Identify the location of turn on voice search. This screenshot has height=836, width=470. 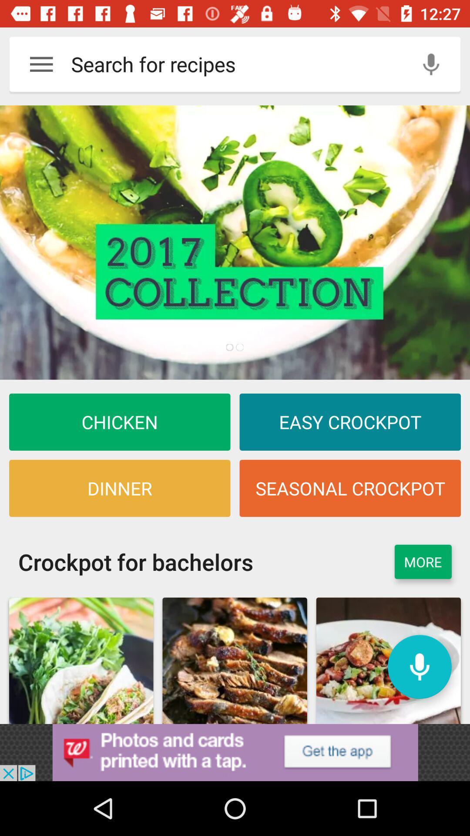
(431, 64).